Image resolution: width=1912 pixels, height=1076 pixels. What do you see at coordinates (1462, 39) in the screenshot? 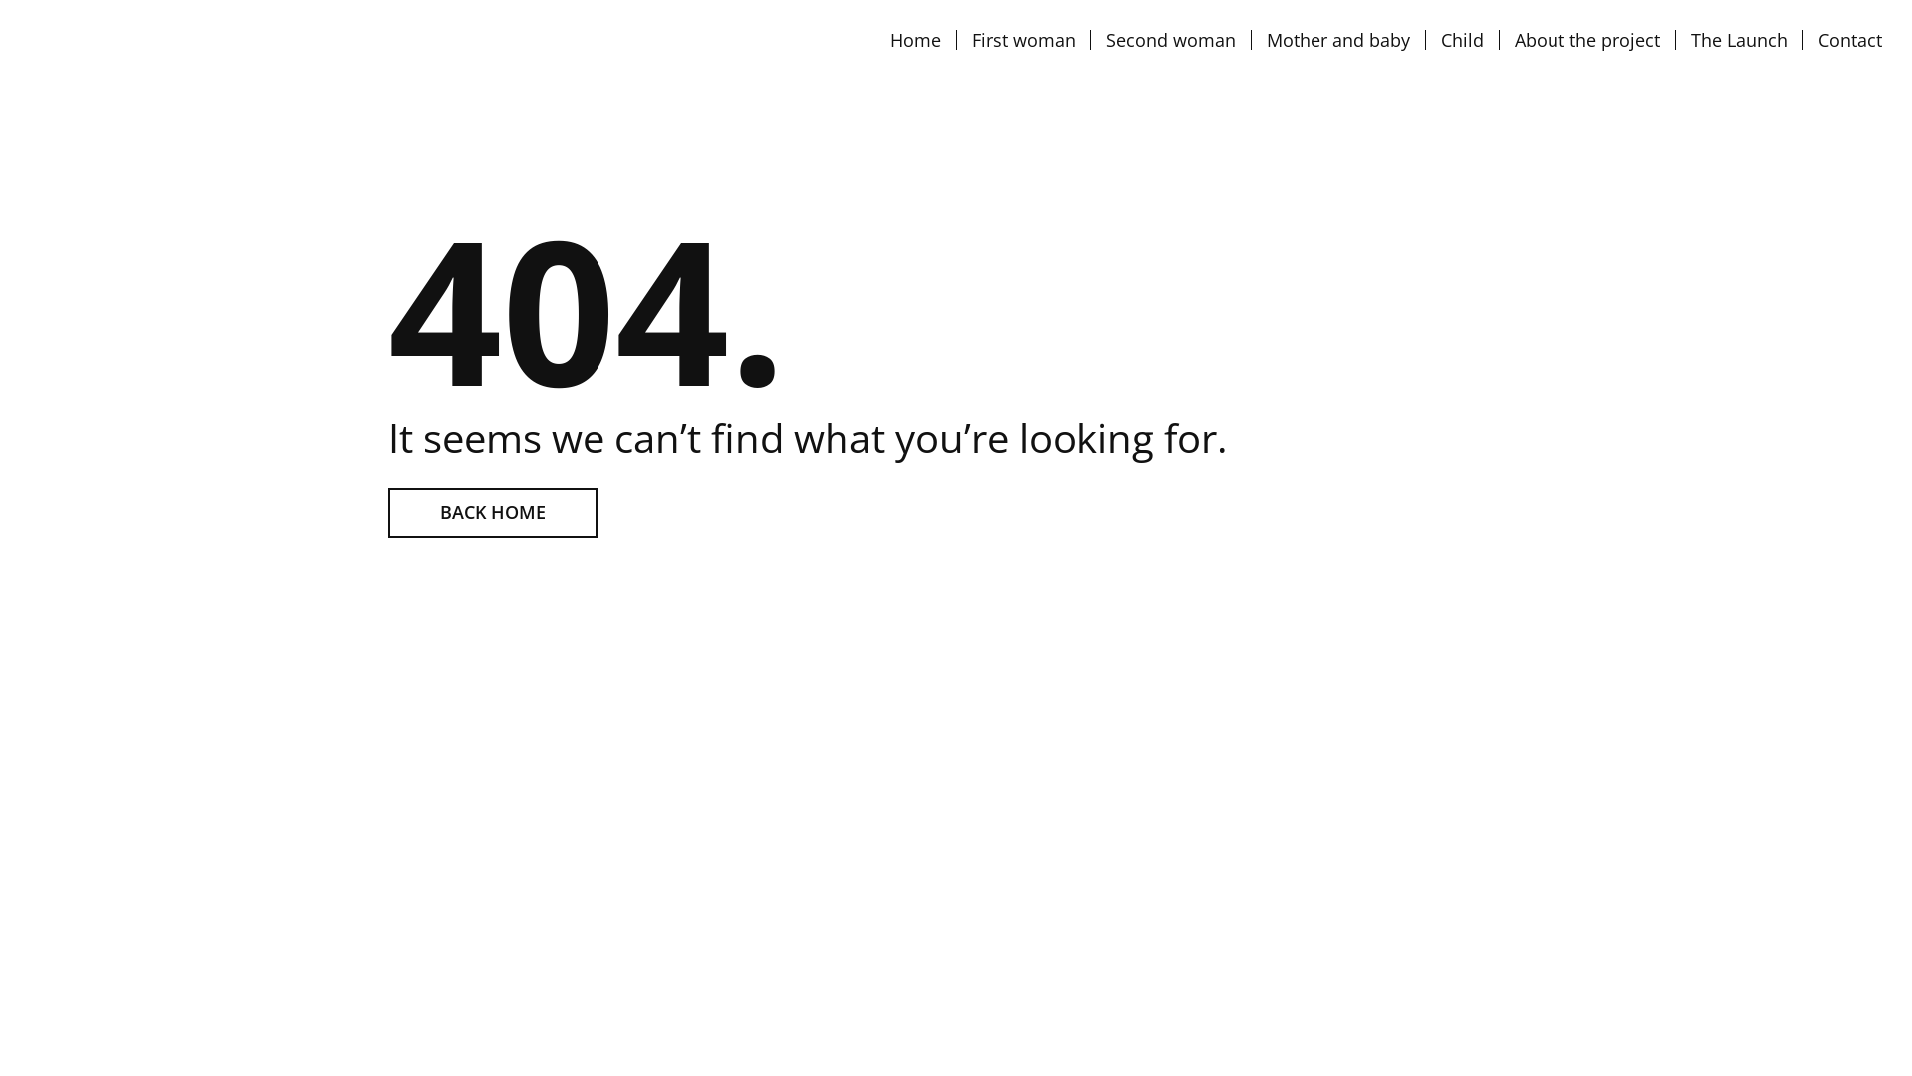
I see `'Child'` at bounding box center [1462, 39].